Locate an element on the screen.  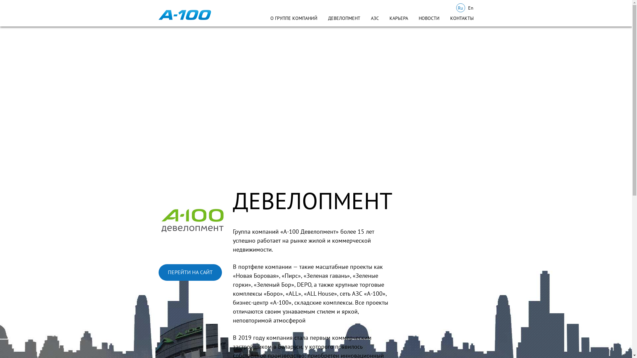
'En' is located at coordinates (470, 8).